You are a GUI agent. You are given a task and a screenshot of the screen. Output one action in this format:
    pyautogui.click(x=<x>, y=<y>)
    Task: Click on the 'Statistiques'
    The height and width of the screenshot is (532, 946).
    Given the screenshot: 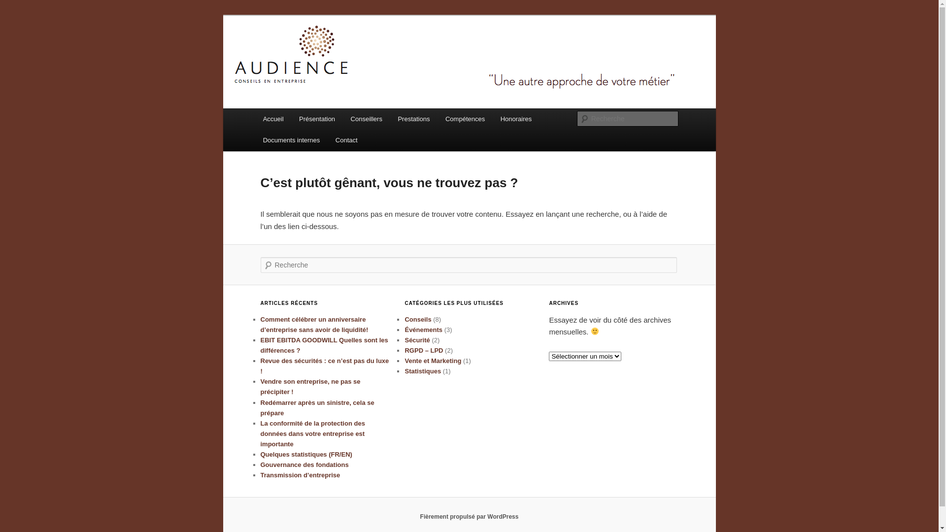 What is the action you would take?
    pyautogui.click(x=404, y=371)
    